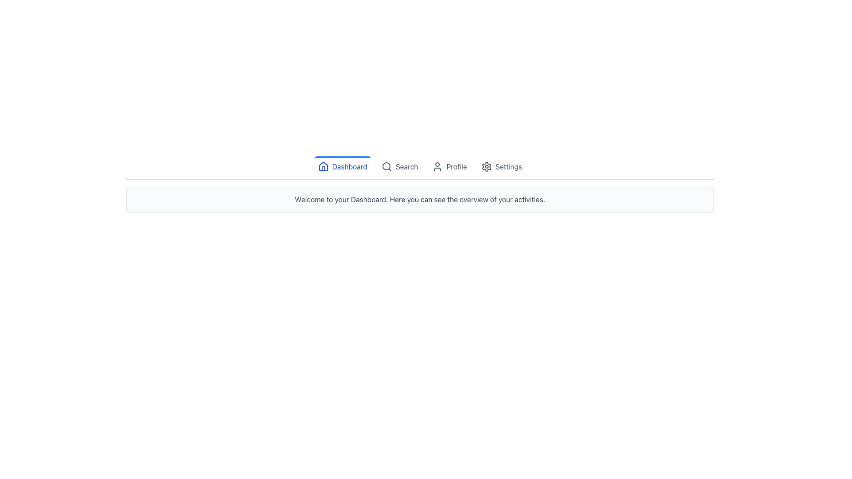  I want to click on the circular shape representing the magnifying lens component of the search icon located in the top navigation bar, which is second from the left, so click(386, 166).